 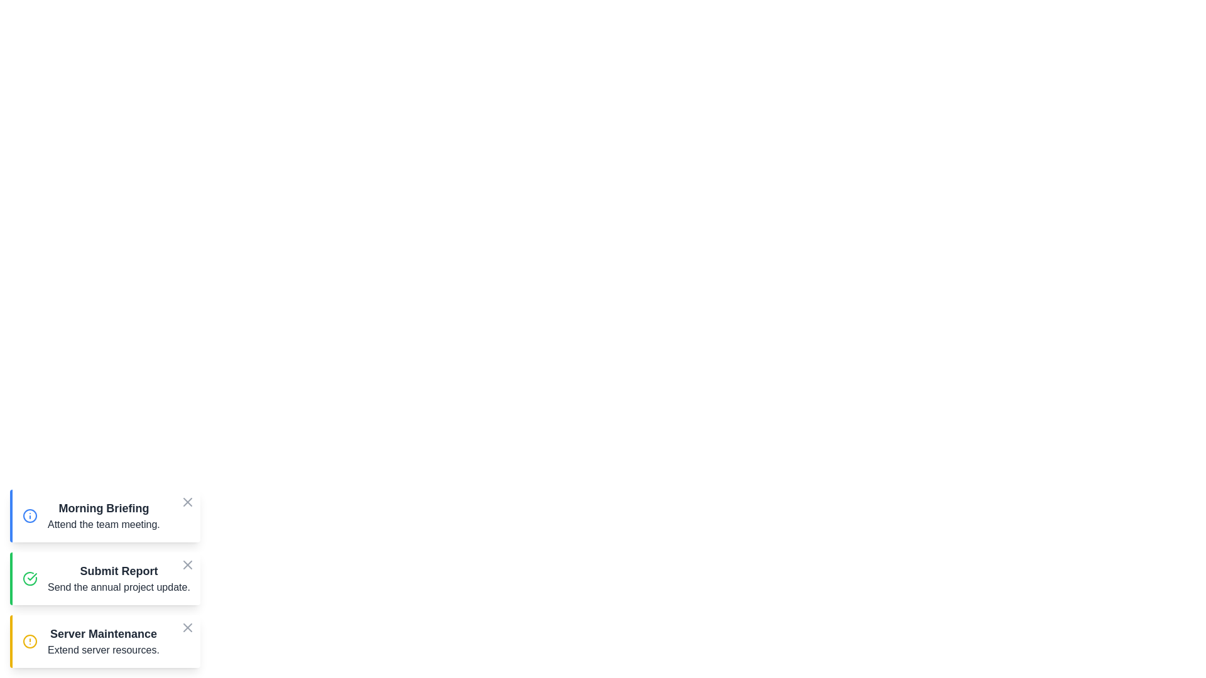 I want to click on the completion icon located in the second row next to 'Submit Report' that indicates the successful completion of a task, so click(x=32, y=576).